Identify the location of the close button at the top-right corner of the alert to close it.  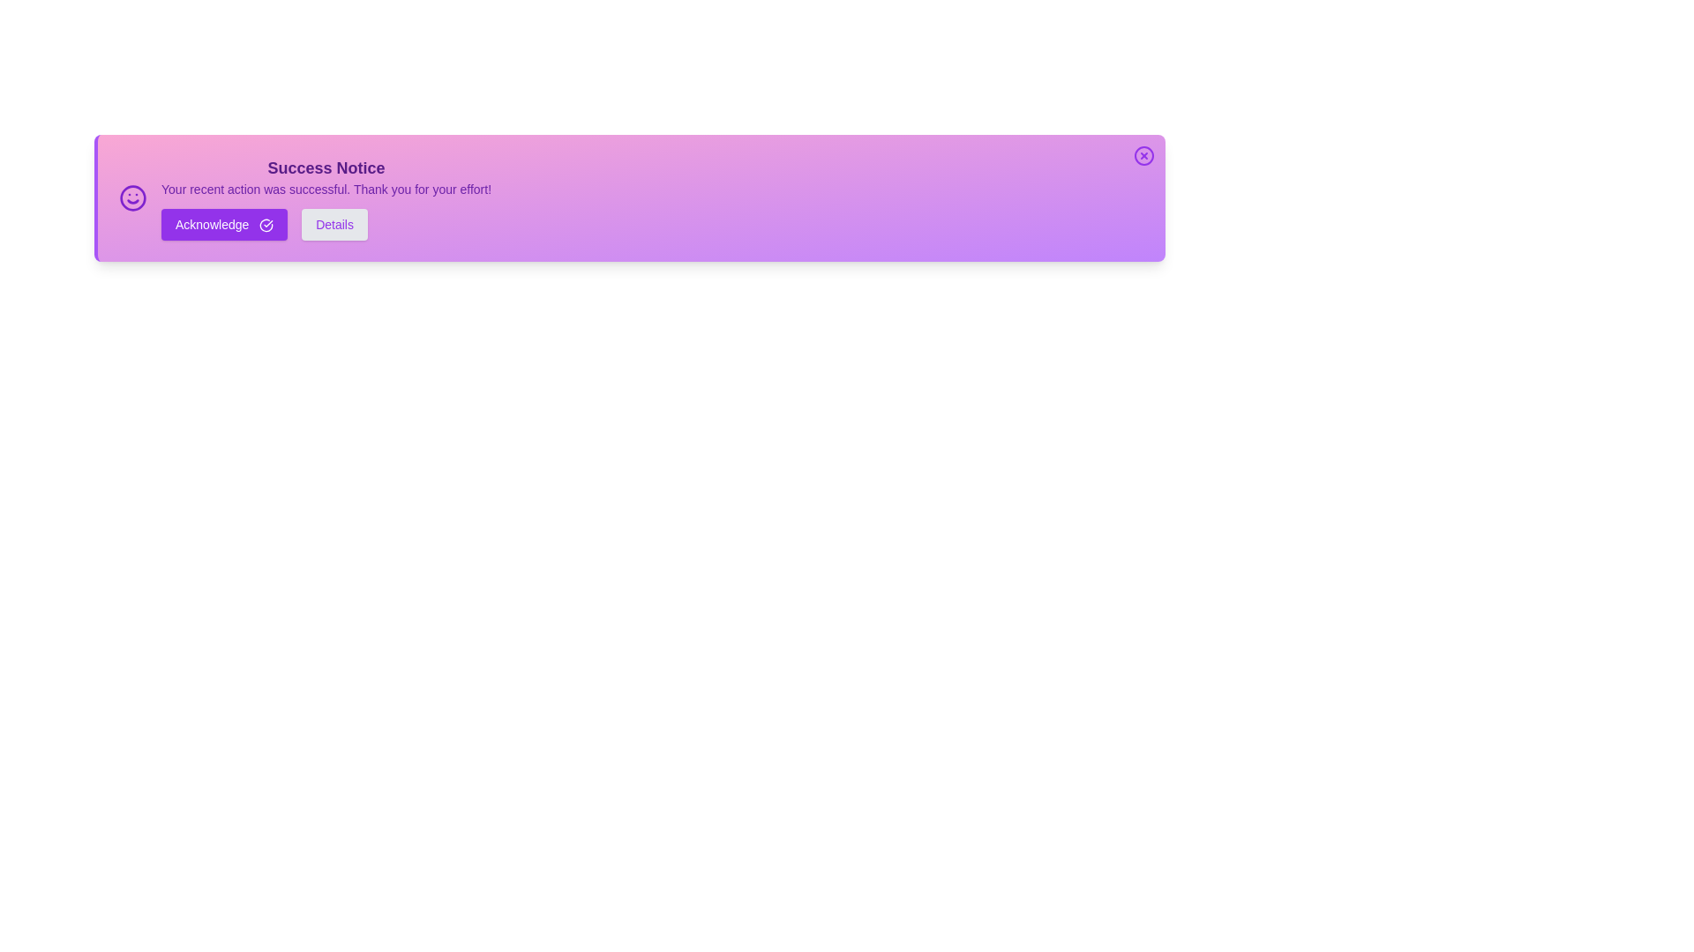
(1143, 155).